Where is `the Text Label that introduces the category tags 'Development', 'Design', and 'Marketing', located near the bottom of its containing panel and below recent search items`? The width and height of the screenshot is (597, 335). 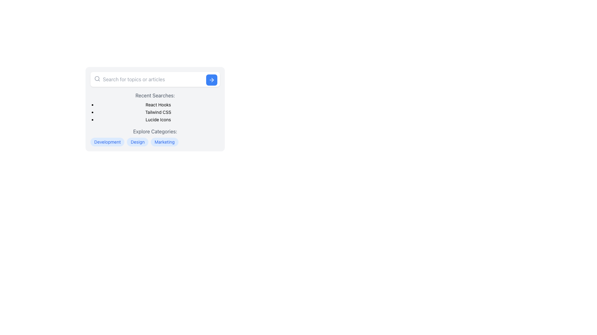 the Text Label that introduces the category tags 'Development', 'Design', and 'Marketing', located near the bottom of its containing panel and below recent search items is located at coordinates (155, 131).